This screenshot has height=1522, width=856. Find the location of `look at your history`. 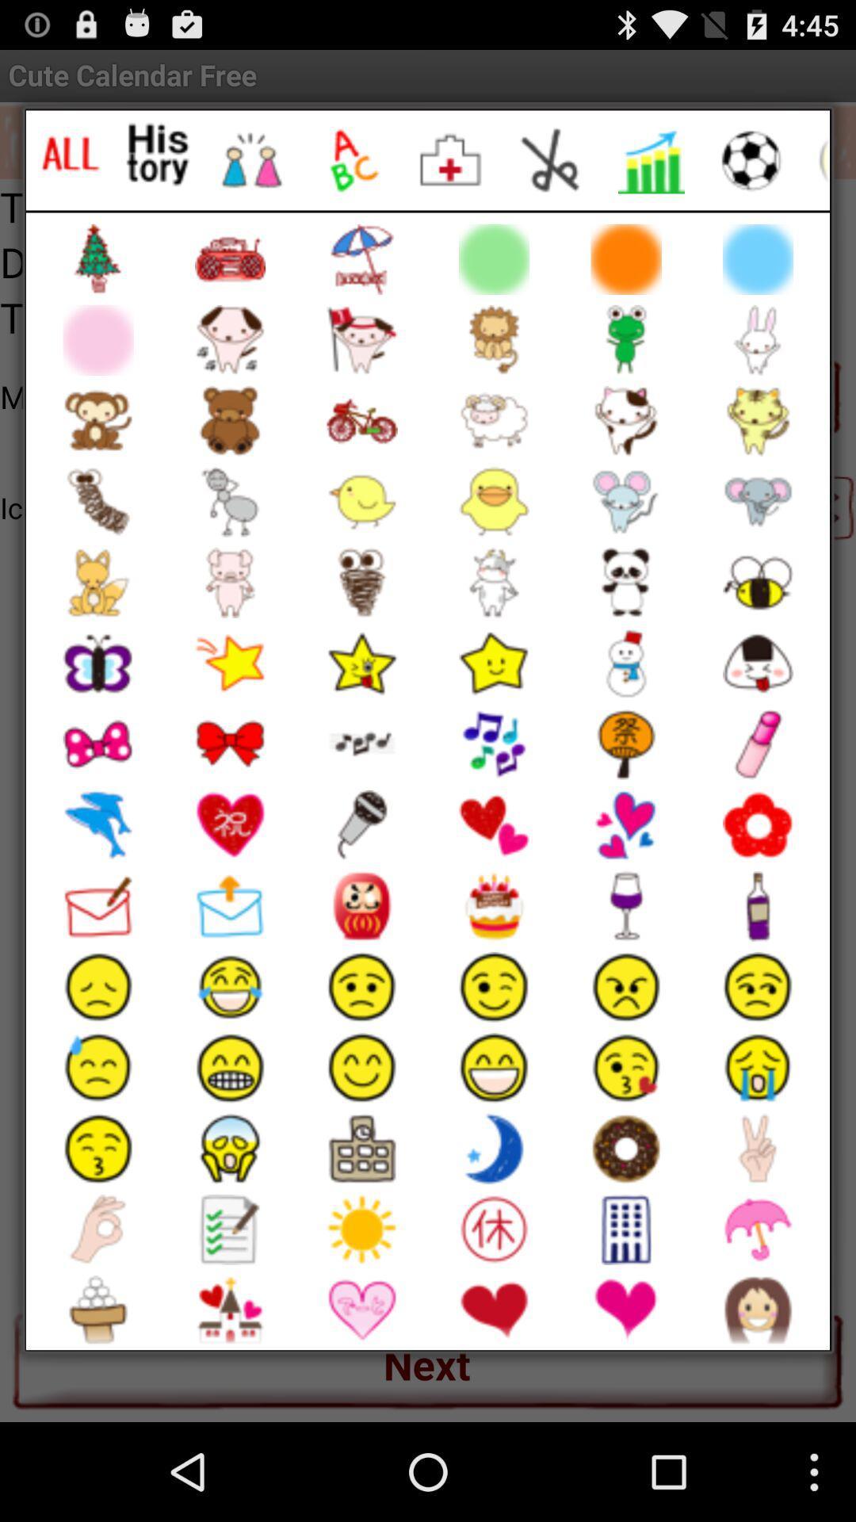

look at your history is located at coordinates (158, 155).